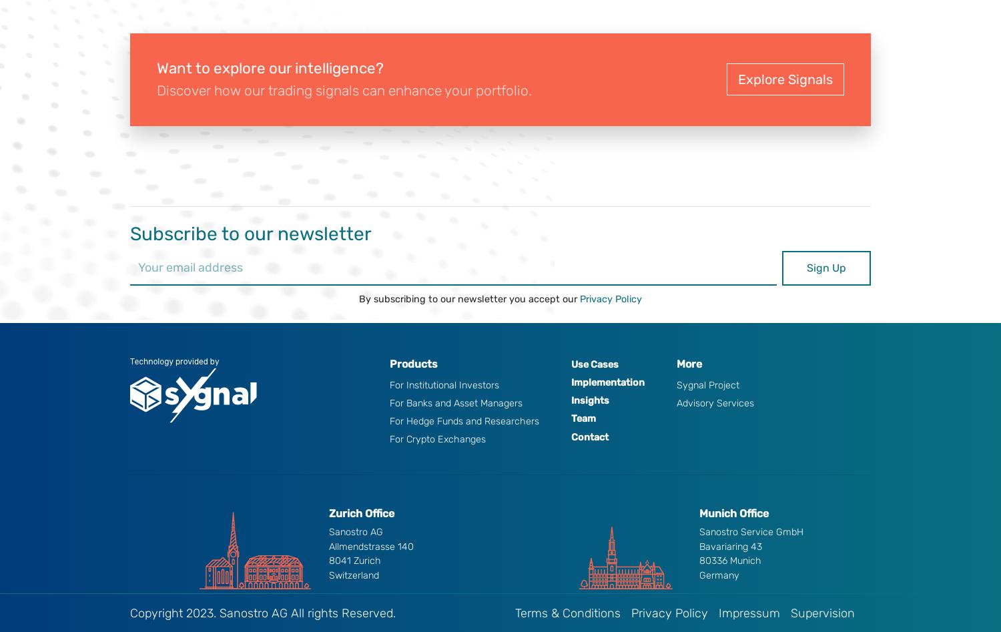  Describe the element at coordinates (719, 574) in the screenshot. I see `'Germany'` at that location.